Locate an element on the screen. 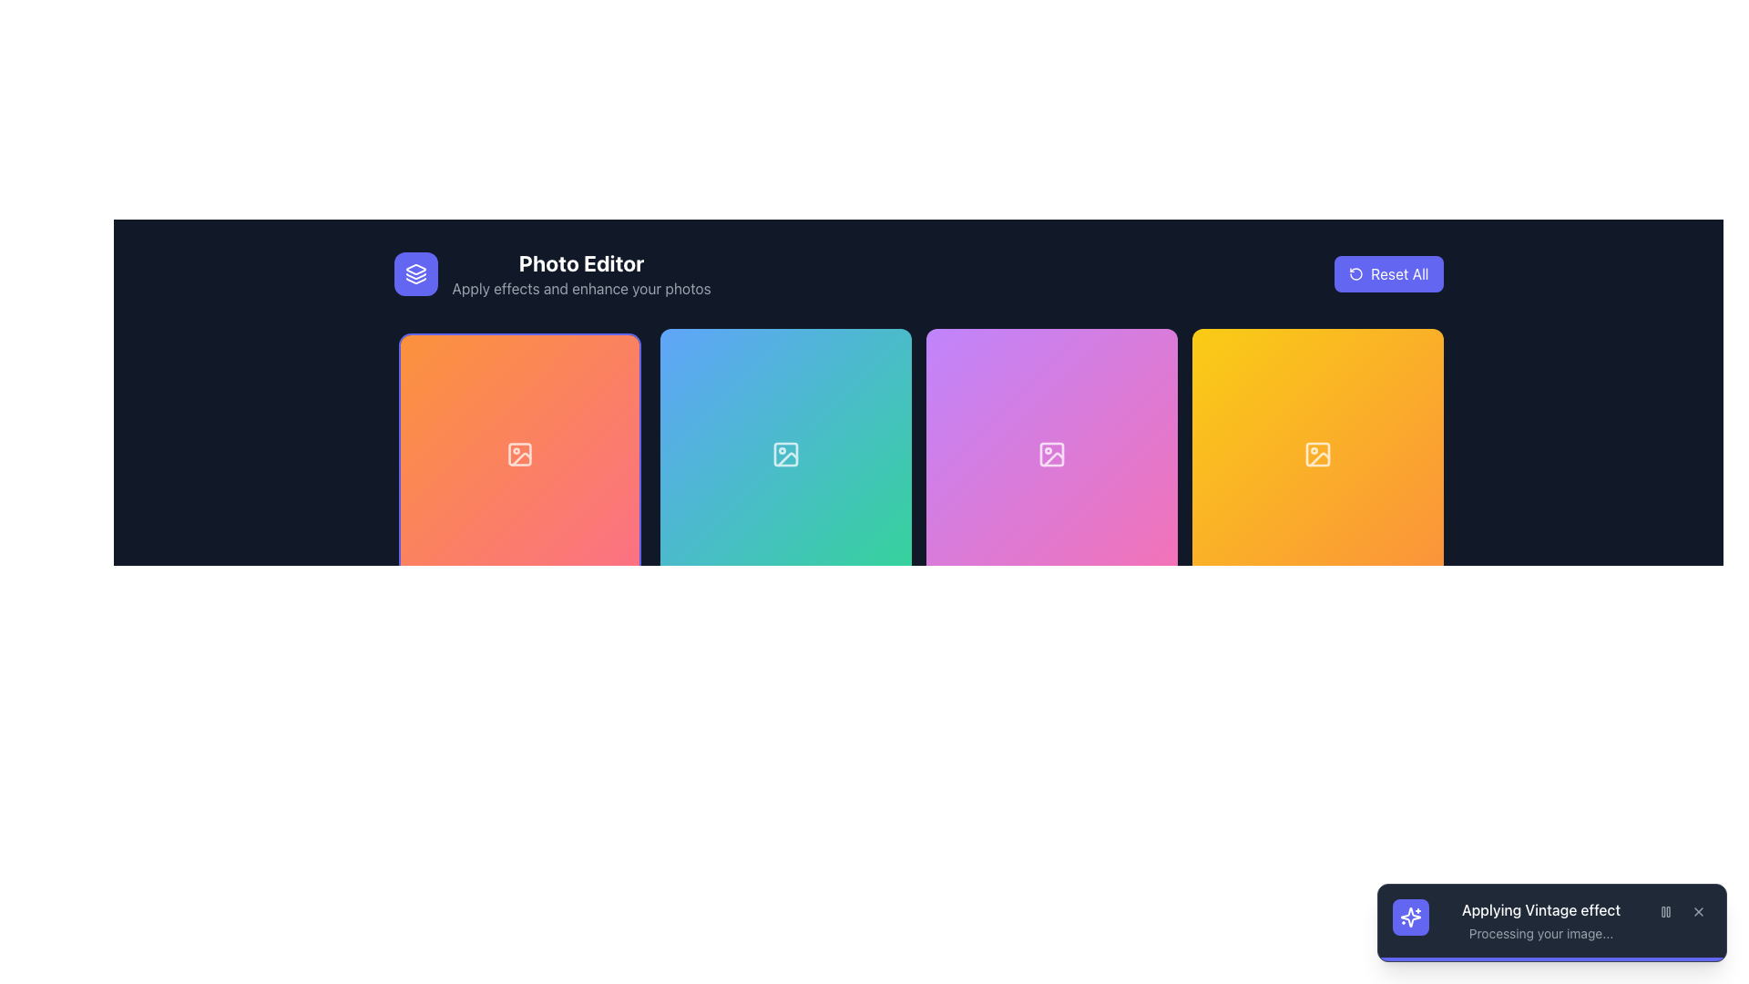 The width and height of the screenshot is (1749, 984). the progress bar which is a small rectangular bar styled as a progress indicator, located beneath the notification popup labeled 'Applying Vintage effectProcessing your image...' is located at coordinates (1551, 958).